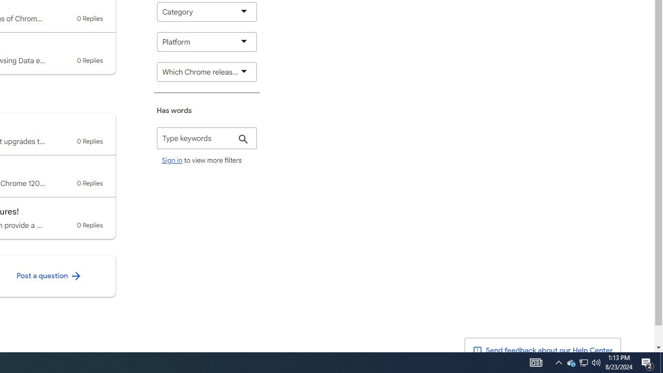 The height and width of the screenshot is (373, 663). Describe the element at coordinates (542, 350) in the screenshot. I see `' Send feedback about our Help Center'` at that location.